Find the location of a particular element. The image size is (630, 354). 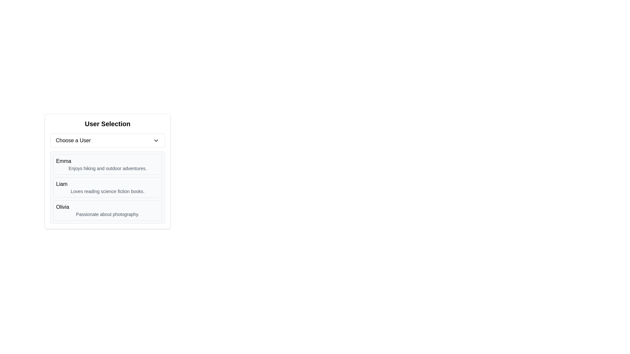

the text label displaying 'Liam', which is located in the middle card of the vertical user selection list, positioned between 'Emma' and 'Olivia' is located at coordinates (62, 184).